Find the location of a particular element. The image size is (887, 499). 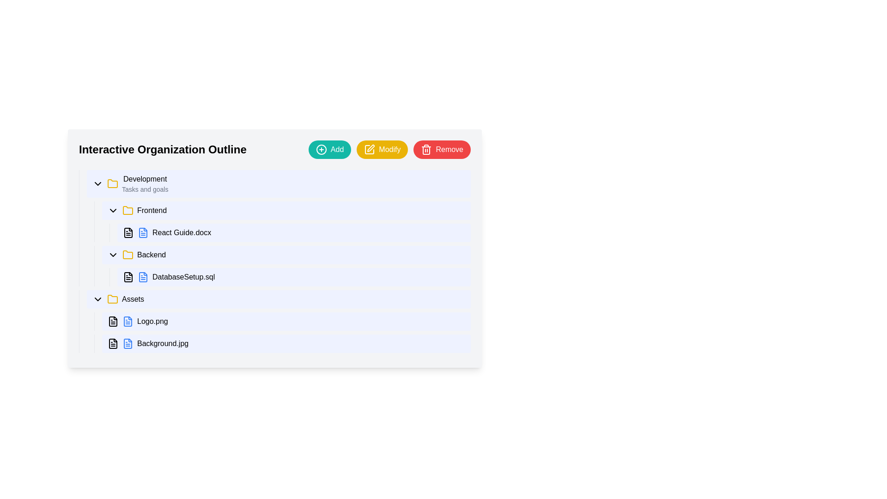

to select the file item named 'Logo.png' located within the 'Assets' folder in the hierarchical file structure is located at coordinates (274, 321).